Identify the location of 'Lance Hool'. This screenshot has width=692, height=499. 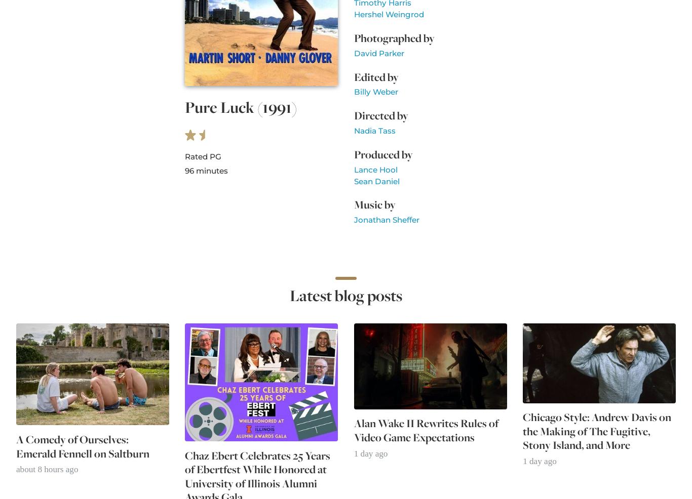
(375, 169).